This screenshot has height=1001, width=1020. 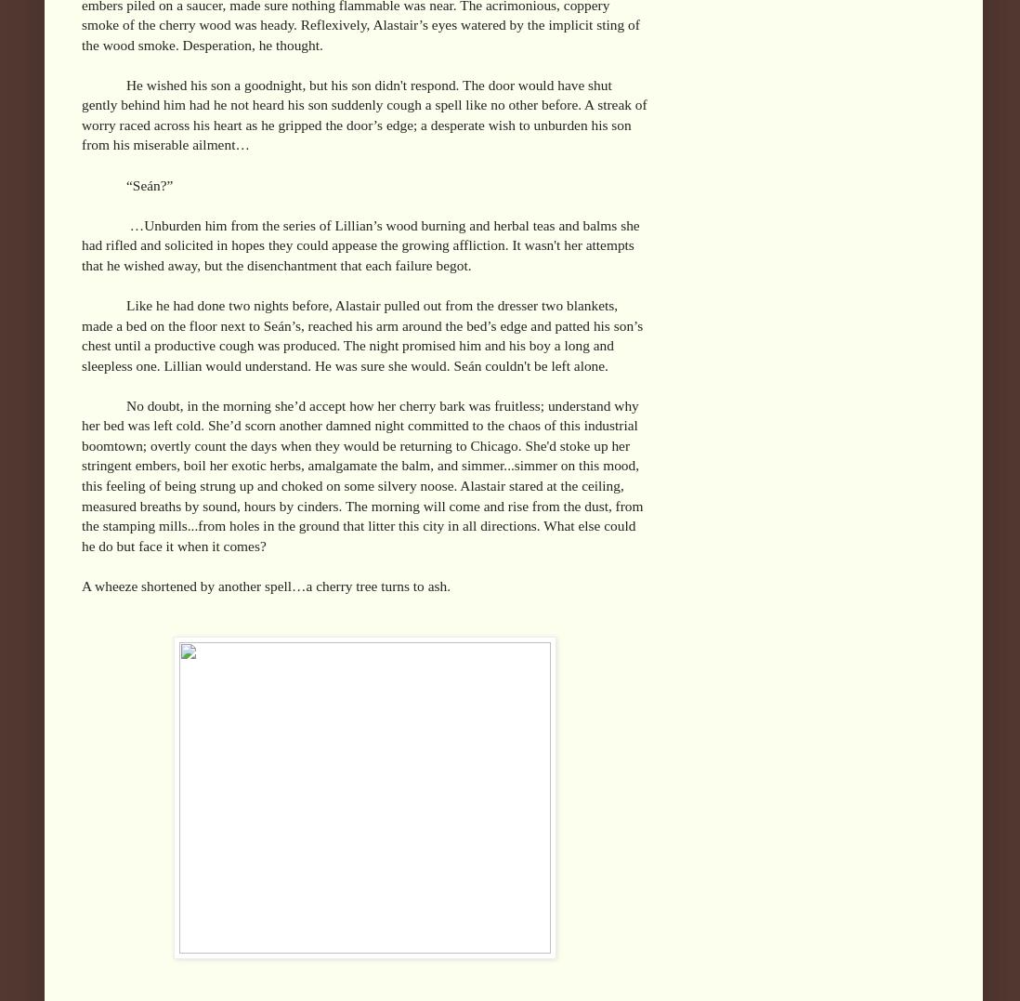 What do you see at coordinates (333, 505) in the screenshot?
I see `'cinders. The'` at bounding box center [333, 505].